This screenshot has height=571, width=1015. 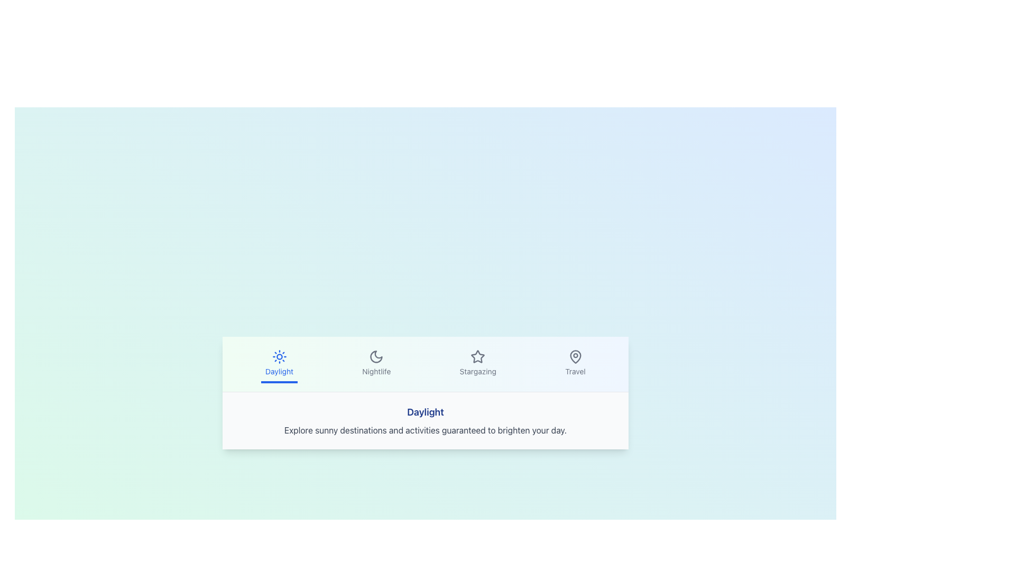 I want to click on the 'Travel' button, which is the last button in a horizontally arranged list and features a map pin icon followed by the label 'Travel', so click(x=575, y=363).